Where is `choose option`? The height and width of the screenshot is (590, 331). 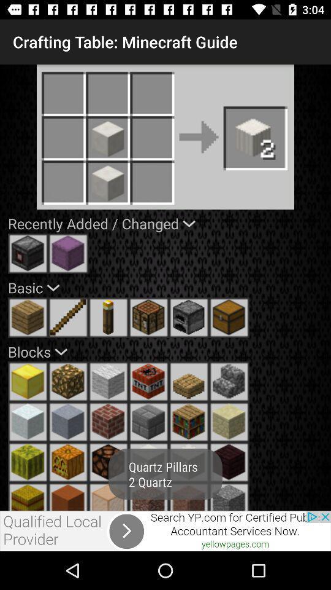 choose option is located at coordinates (28, 253).